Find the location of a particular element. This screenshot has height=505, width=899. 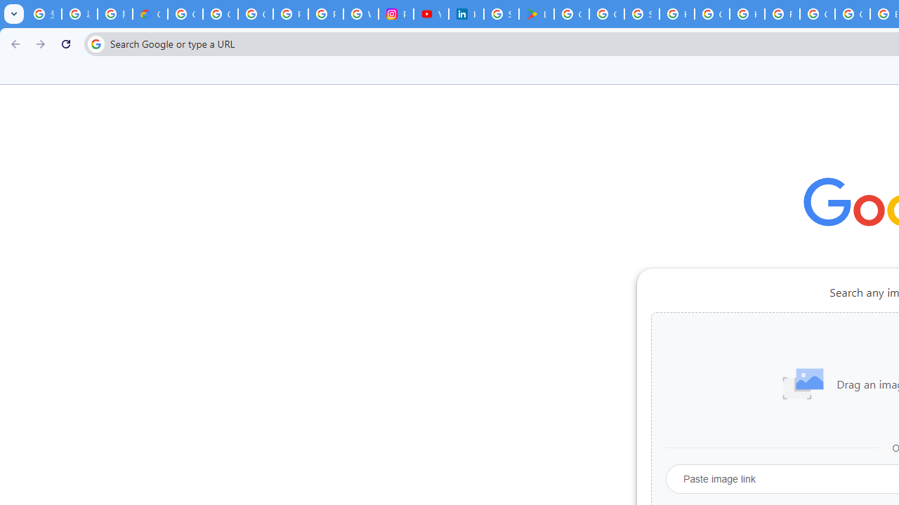

'How do I create a new Google Account? - Google Account Help' is located at coordinates (747, 14).